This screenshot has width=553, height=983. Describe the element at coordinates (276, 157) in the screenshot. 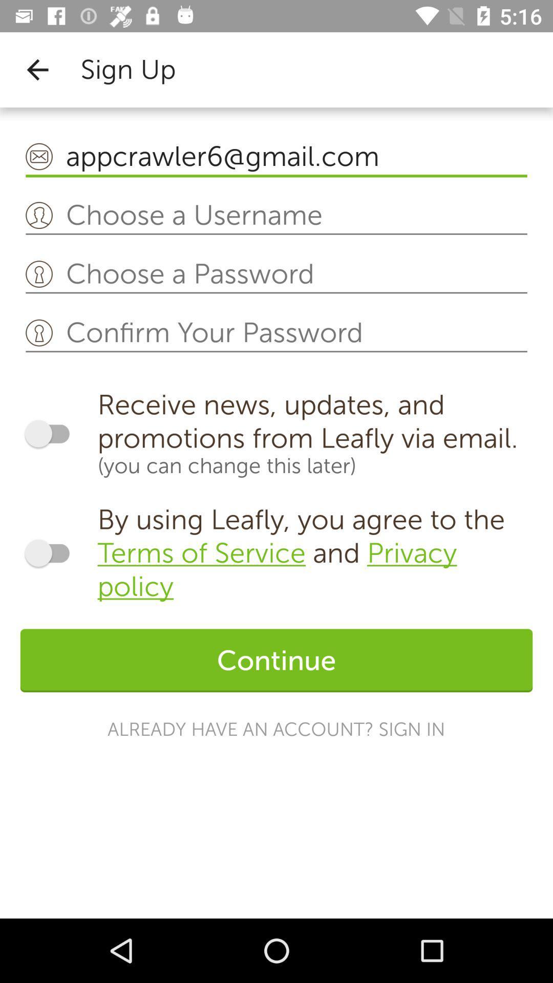

I see `appcrawler6@gmail.com item` at that location.